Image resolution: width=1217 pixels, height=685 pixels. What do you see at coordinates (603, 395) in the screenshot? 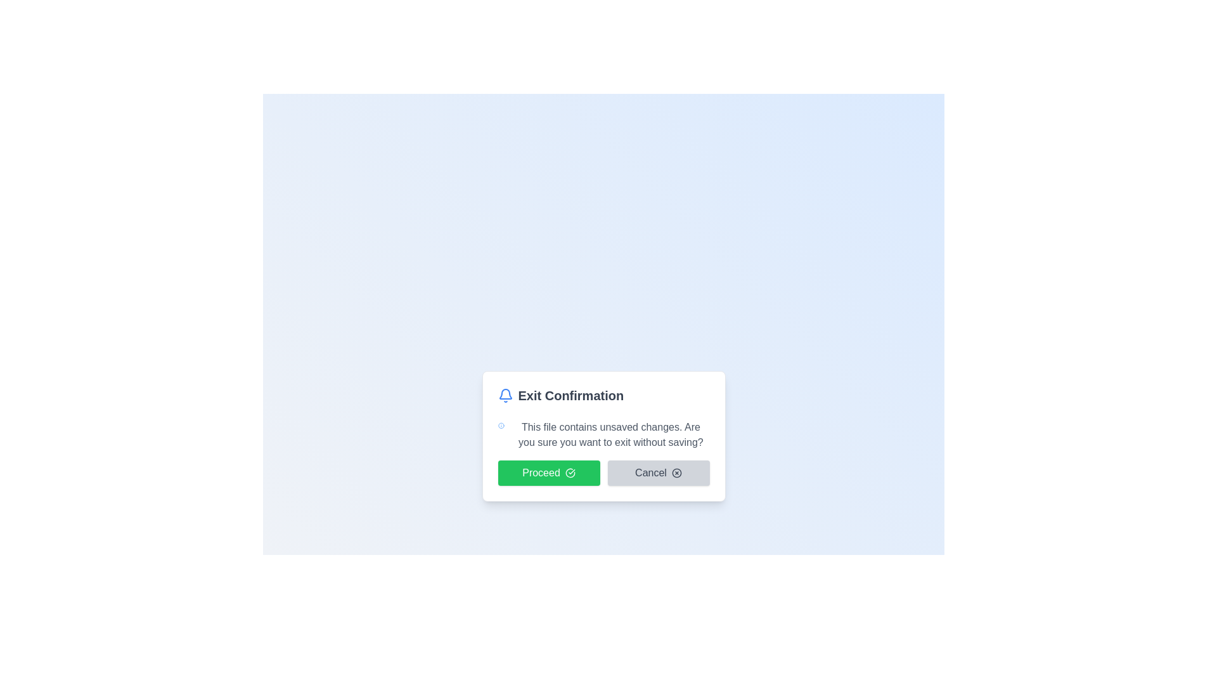
I see `the header element indicating exit confirmation in the modal dialog` at bounding box center [603, 395].